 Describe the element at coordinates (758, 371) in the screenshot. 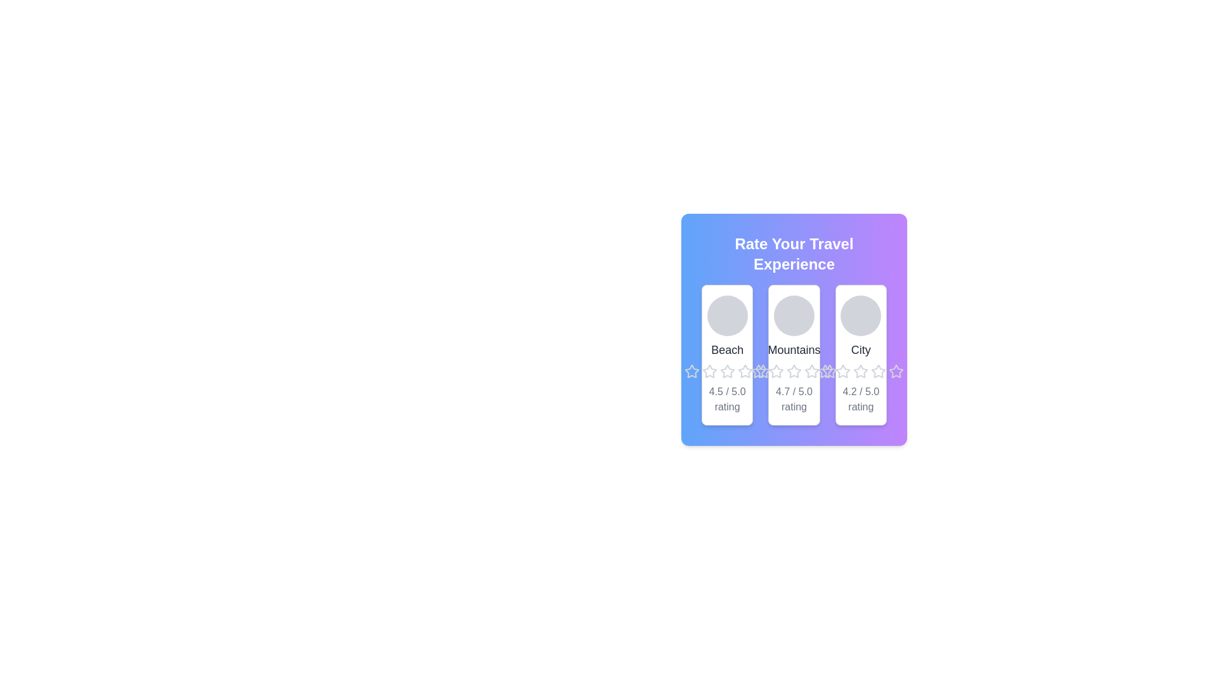

I see `the second star in the interactive rating component below the 'Mountains' card` at that location.